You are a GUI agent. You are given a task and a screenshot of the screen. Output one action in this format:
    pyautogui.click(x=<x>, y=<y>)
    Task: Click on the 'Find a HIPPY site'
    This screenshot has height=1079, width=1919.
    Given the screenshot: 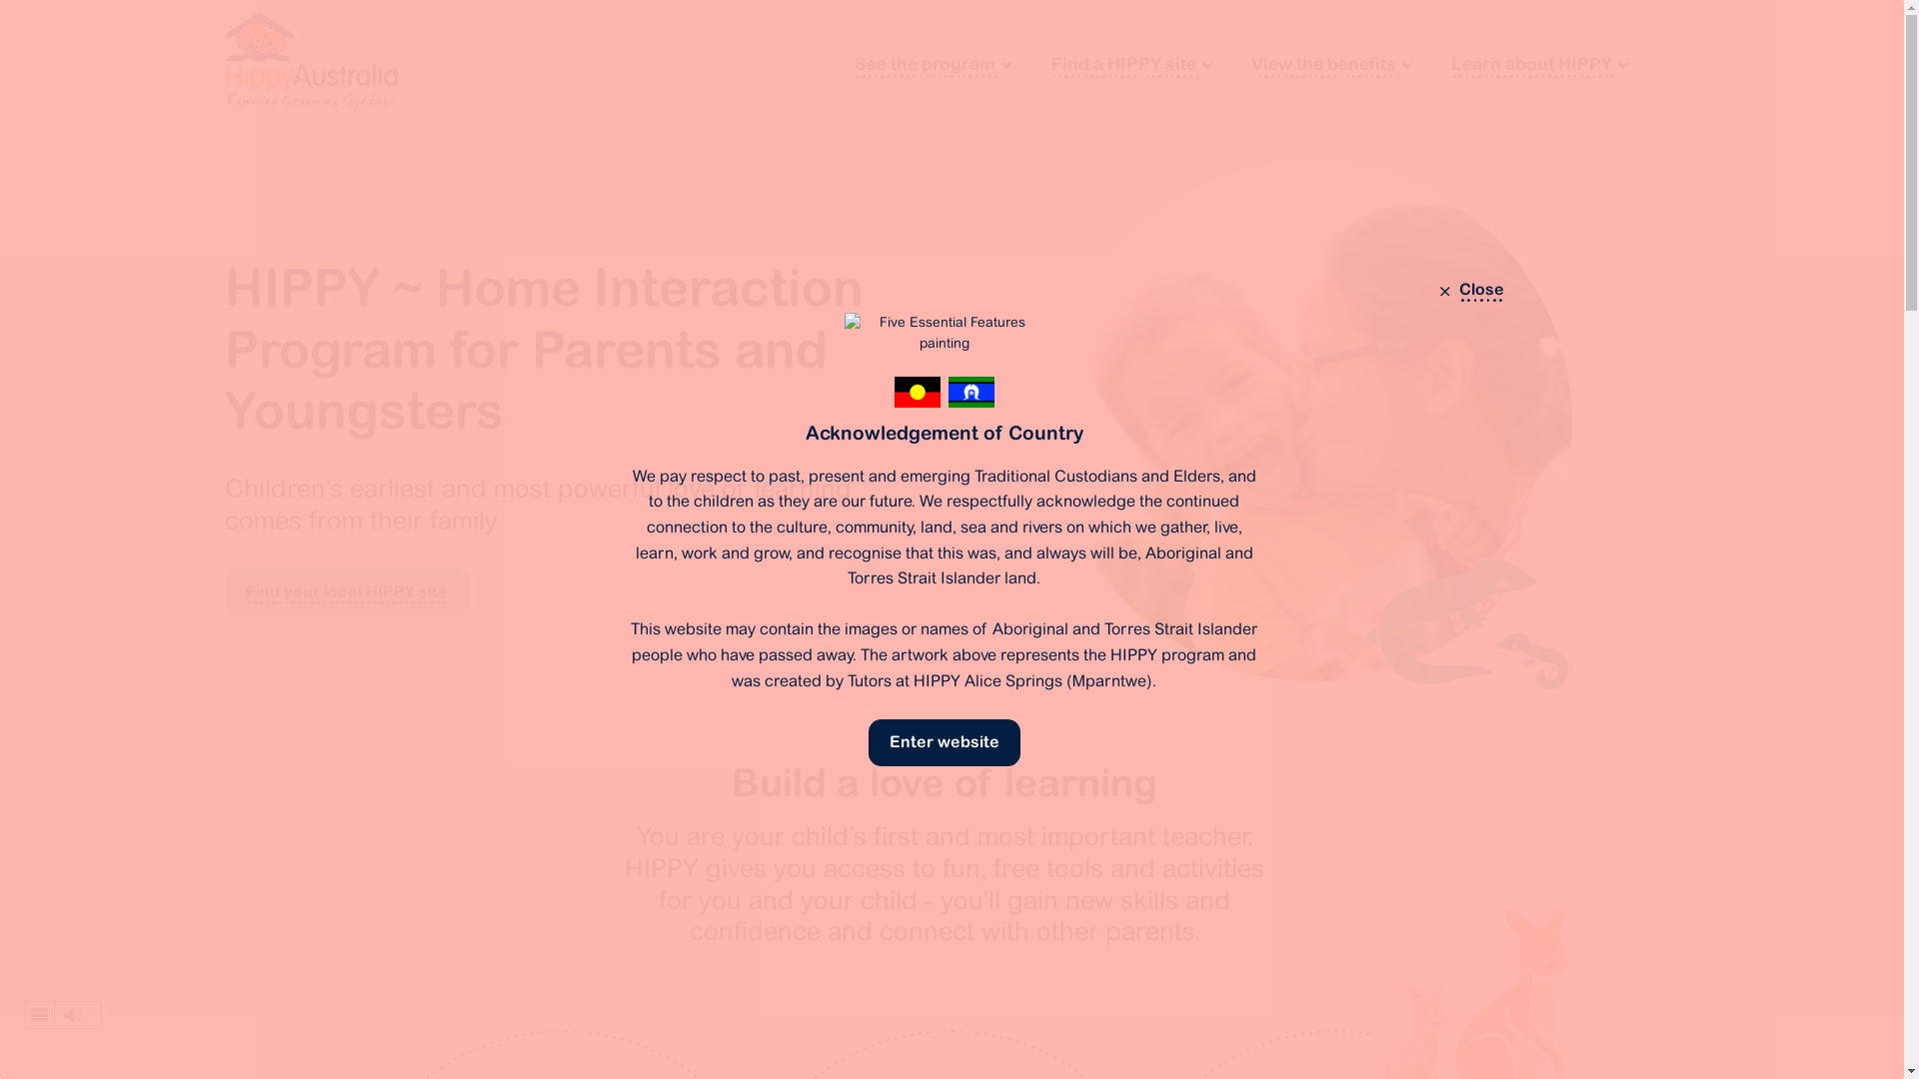 What is the action you would take?
    pyautogui.click(x=1131, y=63)
    